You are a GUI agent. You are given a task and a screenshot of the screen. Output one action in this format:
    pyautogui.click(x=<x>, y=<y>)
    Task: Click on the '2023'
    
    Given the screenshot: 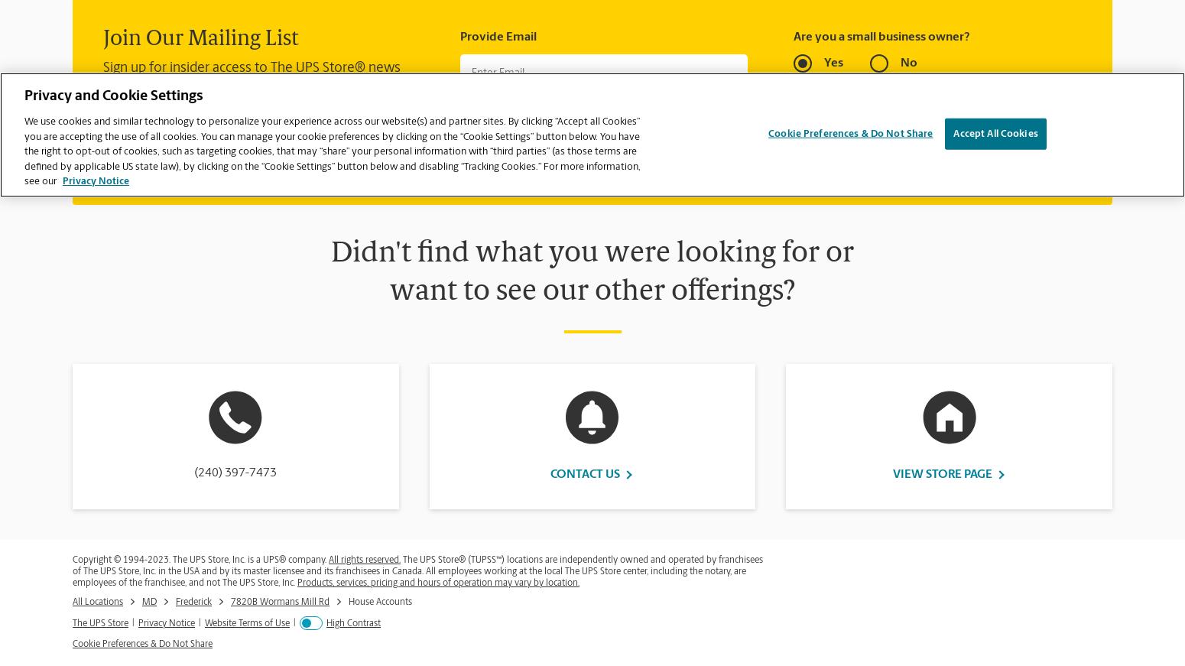 What is the action you would take?
    pyautogui.click(x=157, y=559)
    